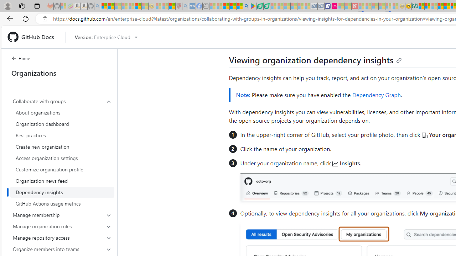 The height and width of the screenshot is (256, 456). What do you see at coordinates (62, 214) in the screenshot?
I see `'Manage membership'` at bounding box center [62, 214].